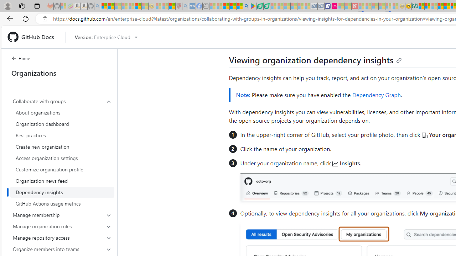 The height and width of the screenshot is (256, 456). What do you see at coordinates (62, 214) in the screenshot?
I see `'Manage membership'` at bounding box center [62, 214].